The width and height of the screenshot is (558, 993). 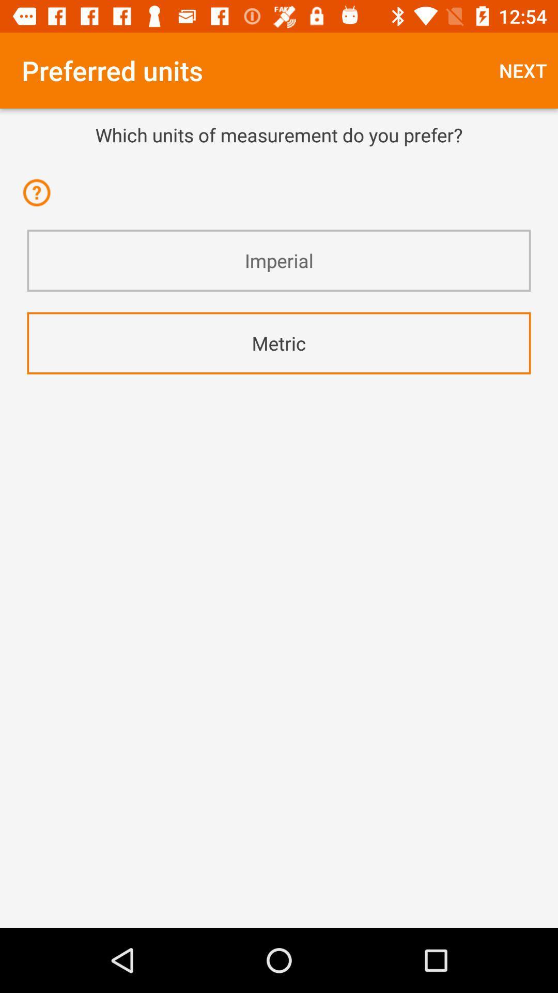 What do you see at coordinates (279, 261) in the screenshot?
I see `the icon above the metric icon` at bounding box center [279, 261].